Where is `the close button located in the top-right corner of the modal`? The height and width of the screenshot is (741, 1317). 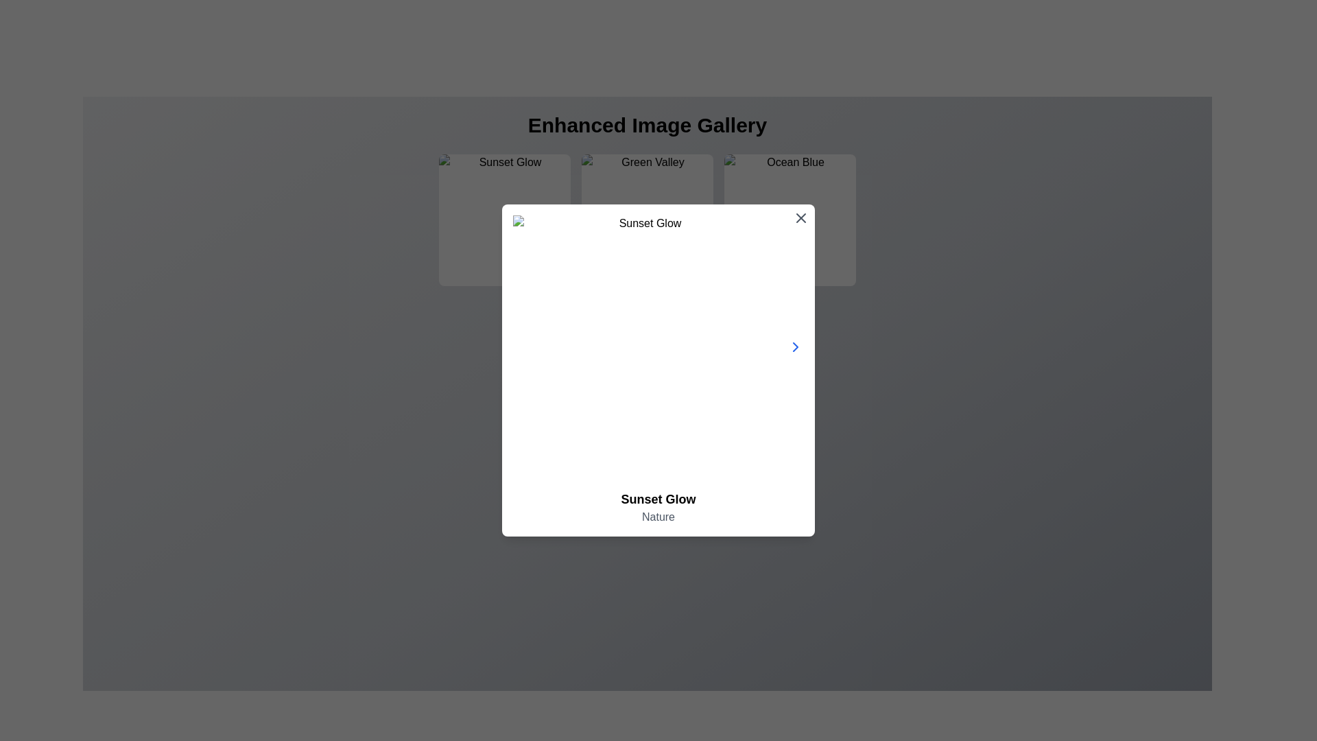
the close button located in the top-right corner of the modal is located at coordinates (800, 217).